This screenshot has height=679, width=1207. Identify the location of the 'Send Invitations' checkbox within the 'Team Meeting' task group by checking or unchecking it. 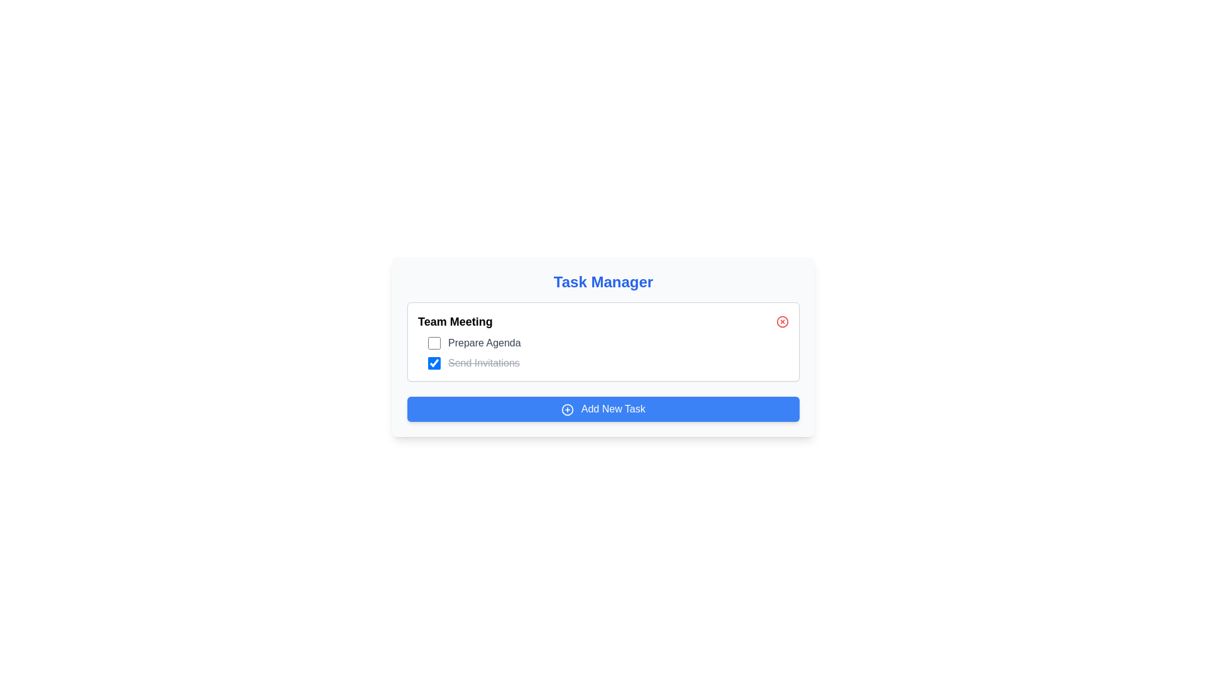
(603, 341).